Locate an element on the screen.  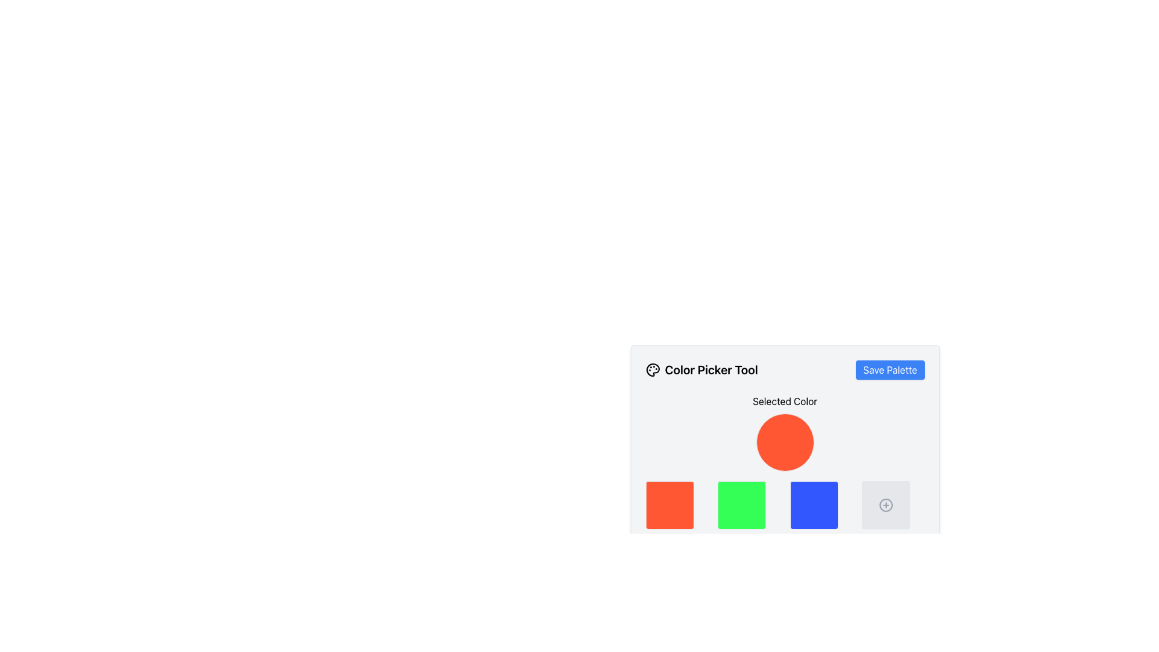
the 'Save Palette' button, which is a rectangular button with a blue background and white text, positioned in the top-right section near the 'Color Picker Tool' is located at coordinates (890, 369).